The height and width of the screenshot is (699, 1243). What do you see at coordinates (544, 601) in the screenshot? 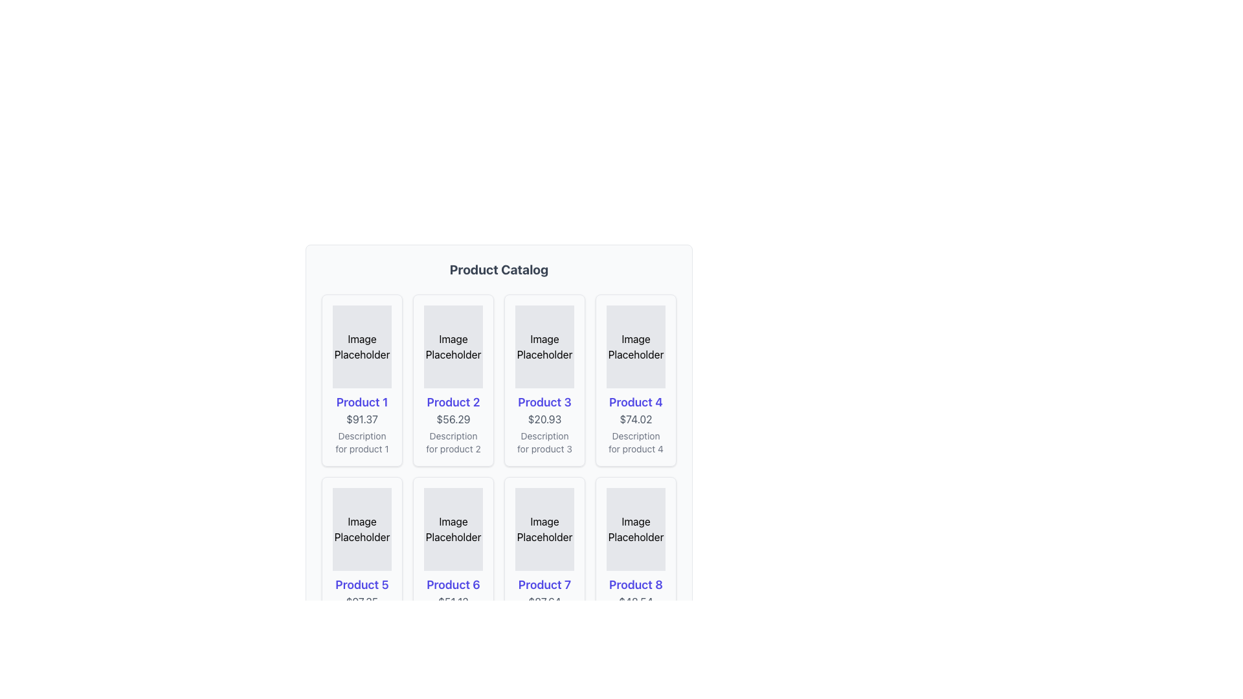
I see `the price information text label located below the product title 'Product 7' in the product card` at bounding box center [544, 601].